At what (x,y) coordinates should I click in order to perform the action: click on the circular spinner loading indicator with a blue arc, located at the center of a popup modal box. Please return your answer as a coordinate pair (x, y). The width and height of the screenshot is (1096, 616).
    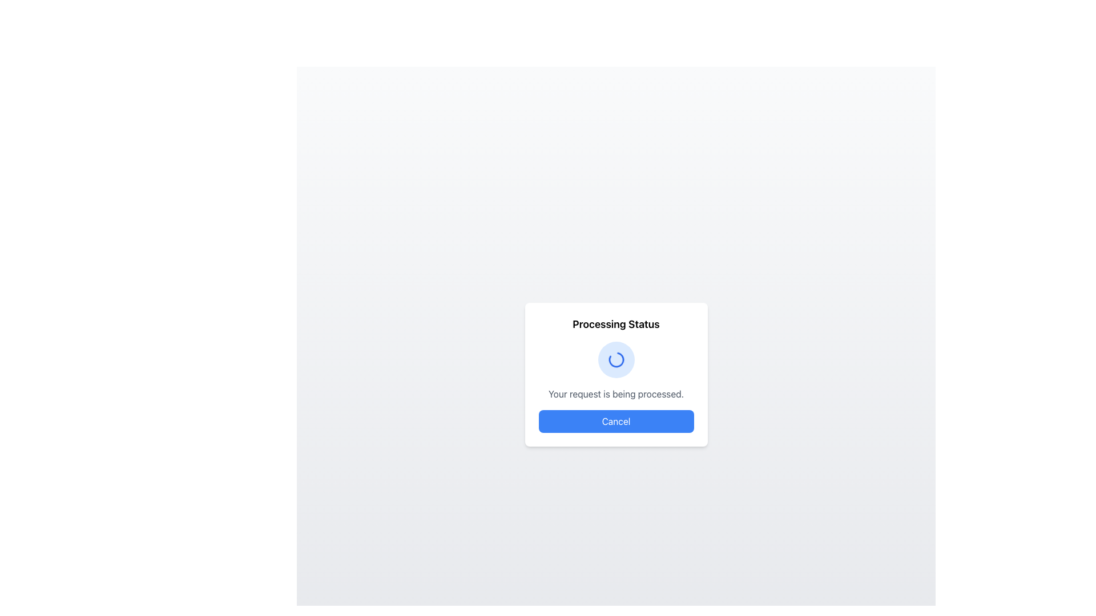
    Looking at the image, I should click on (615, 360).